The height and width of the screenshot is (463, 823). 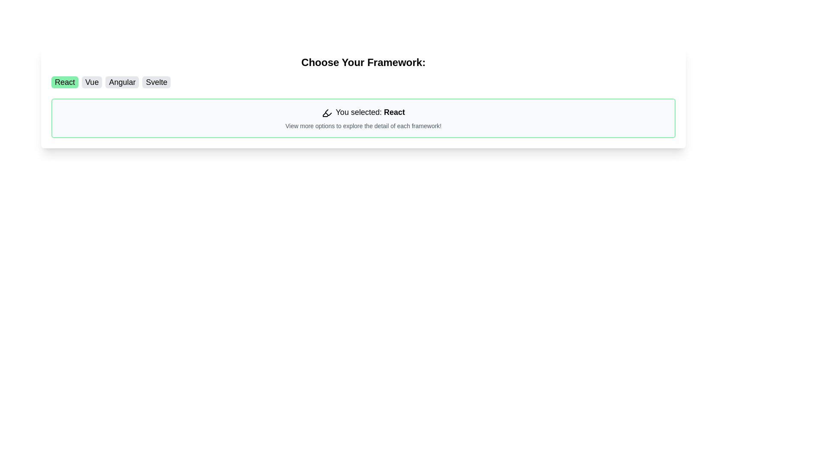 What do you see at coordinates (92, 82) in the screenshot?
I see `the button labeled 'Vue', which is the second button in a row of framework selection buttons located below the heading 'Choose Your Framework:'` at bounding box center [92, 82].